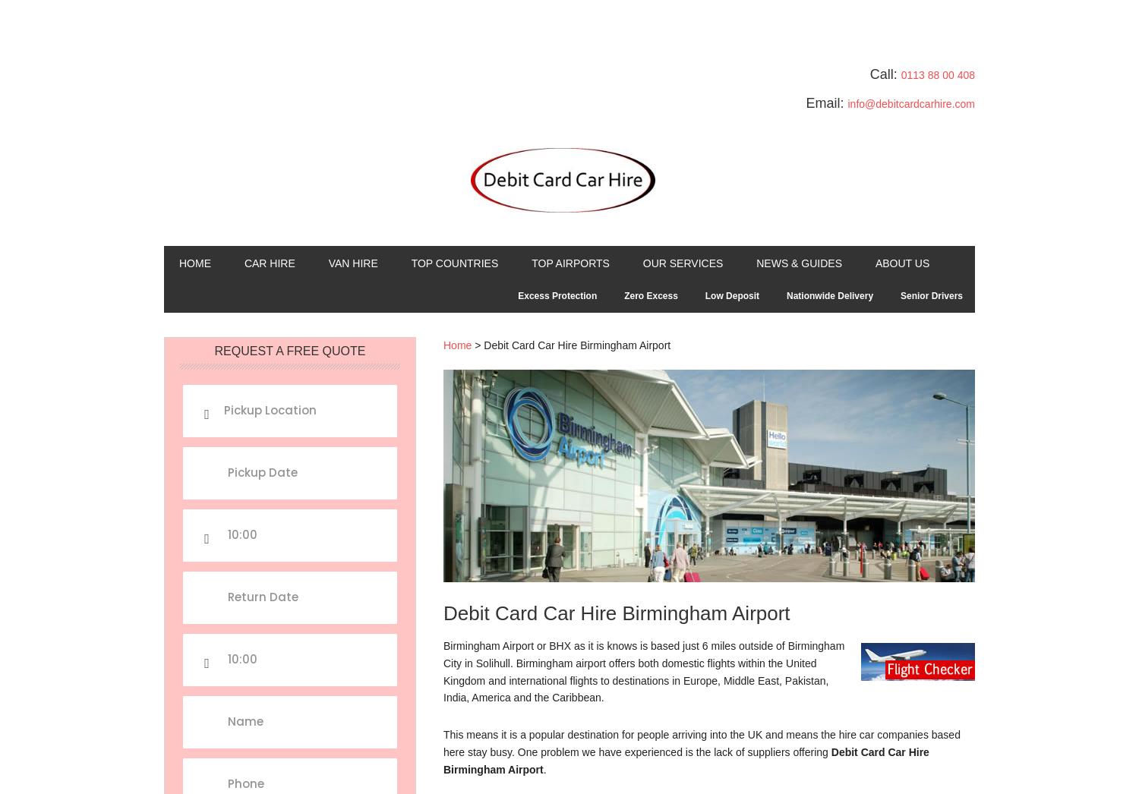 The width and height of the screenshot is (1139, 794). I want to click on 'Low Deposit', so click(731, 295).